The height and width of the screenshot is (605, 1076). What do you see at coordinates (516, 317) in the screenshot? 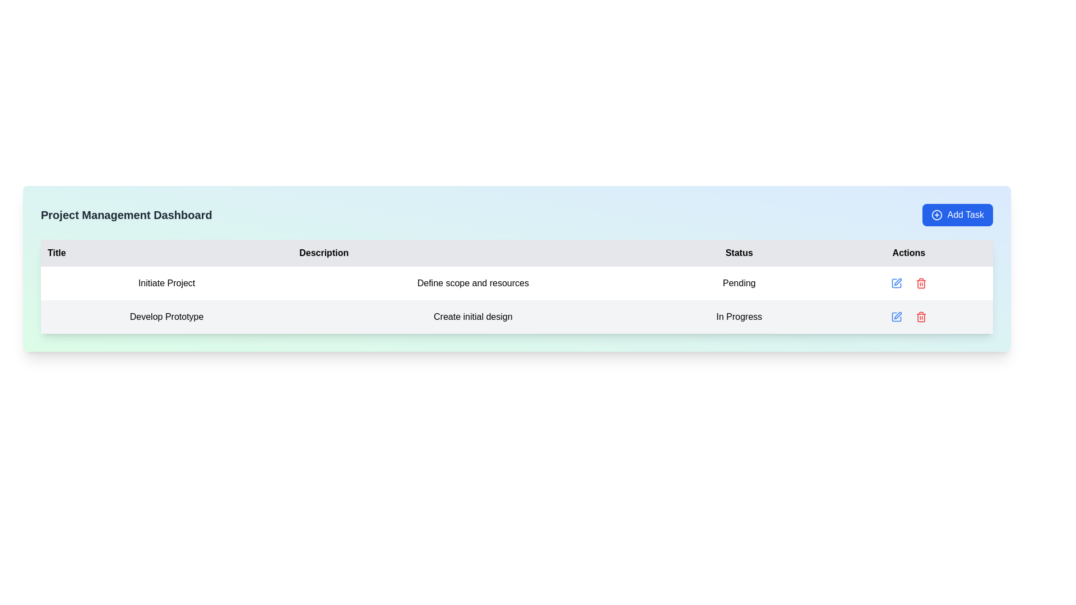
I see `the tabular row displaying 'Develop Prototype', 'Create initial design', and 'In Progress'` at bounding box center [516, 317].